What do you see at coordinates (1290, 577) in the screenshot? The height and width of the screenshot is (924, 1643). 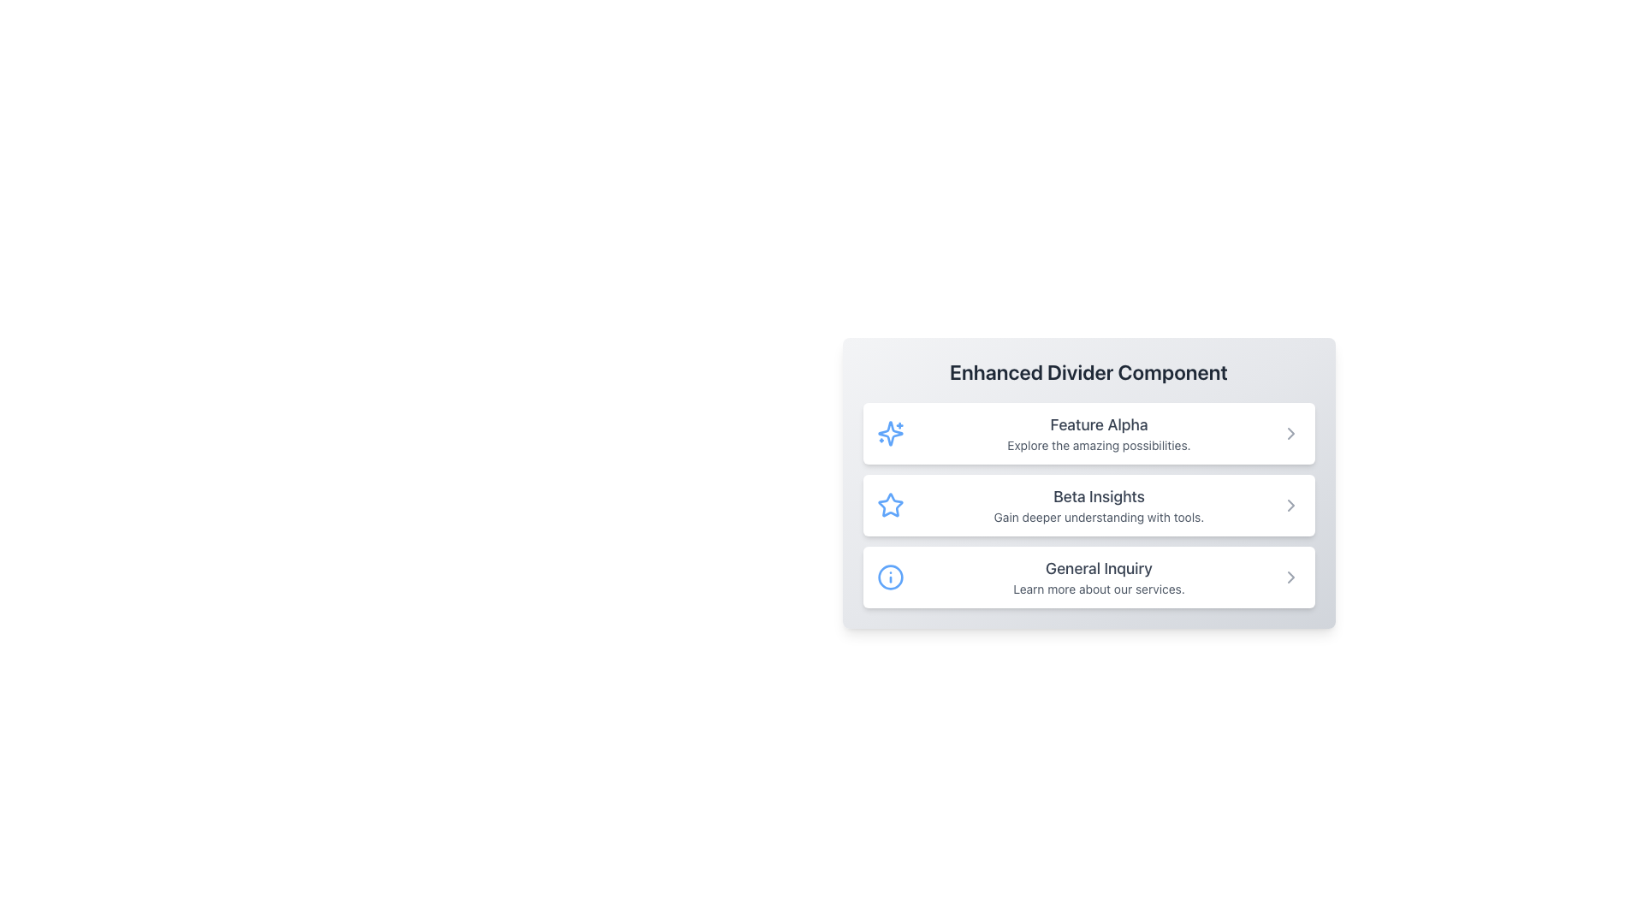 I see `the right-pointing chevron icon in the 'General Inquiry' row` at bounding box center [1290, 577].